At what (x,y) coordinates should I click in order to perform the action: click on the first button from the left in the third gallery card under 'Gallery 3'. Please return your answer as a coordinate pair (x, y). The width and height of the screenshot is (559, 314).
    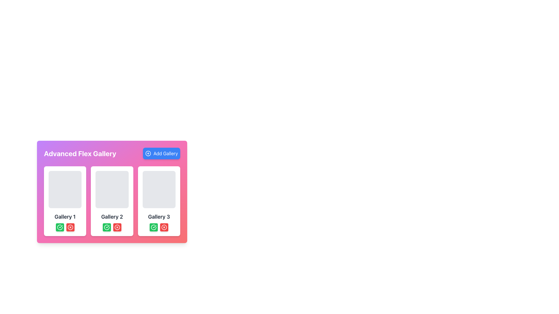
    Looking at the image, I should click on (60, 227).